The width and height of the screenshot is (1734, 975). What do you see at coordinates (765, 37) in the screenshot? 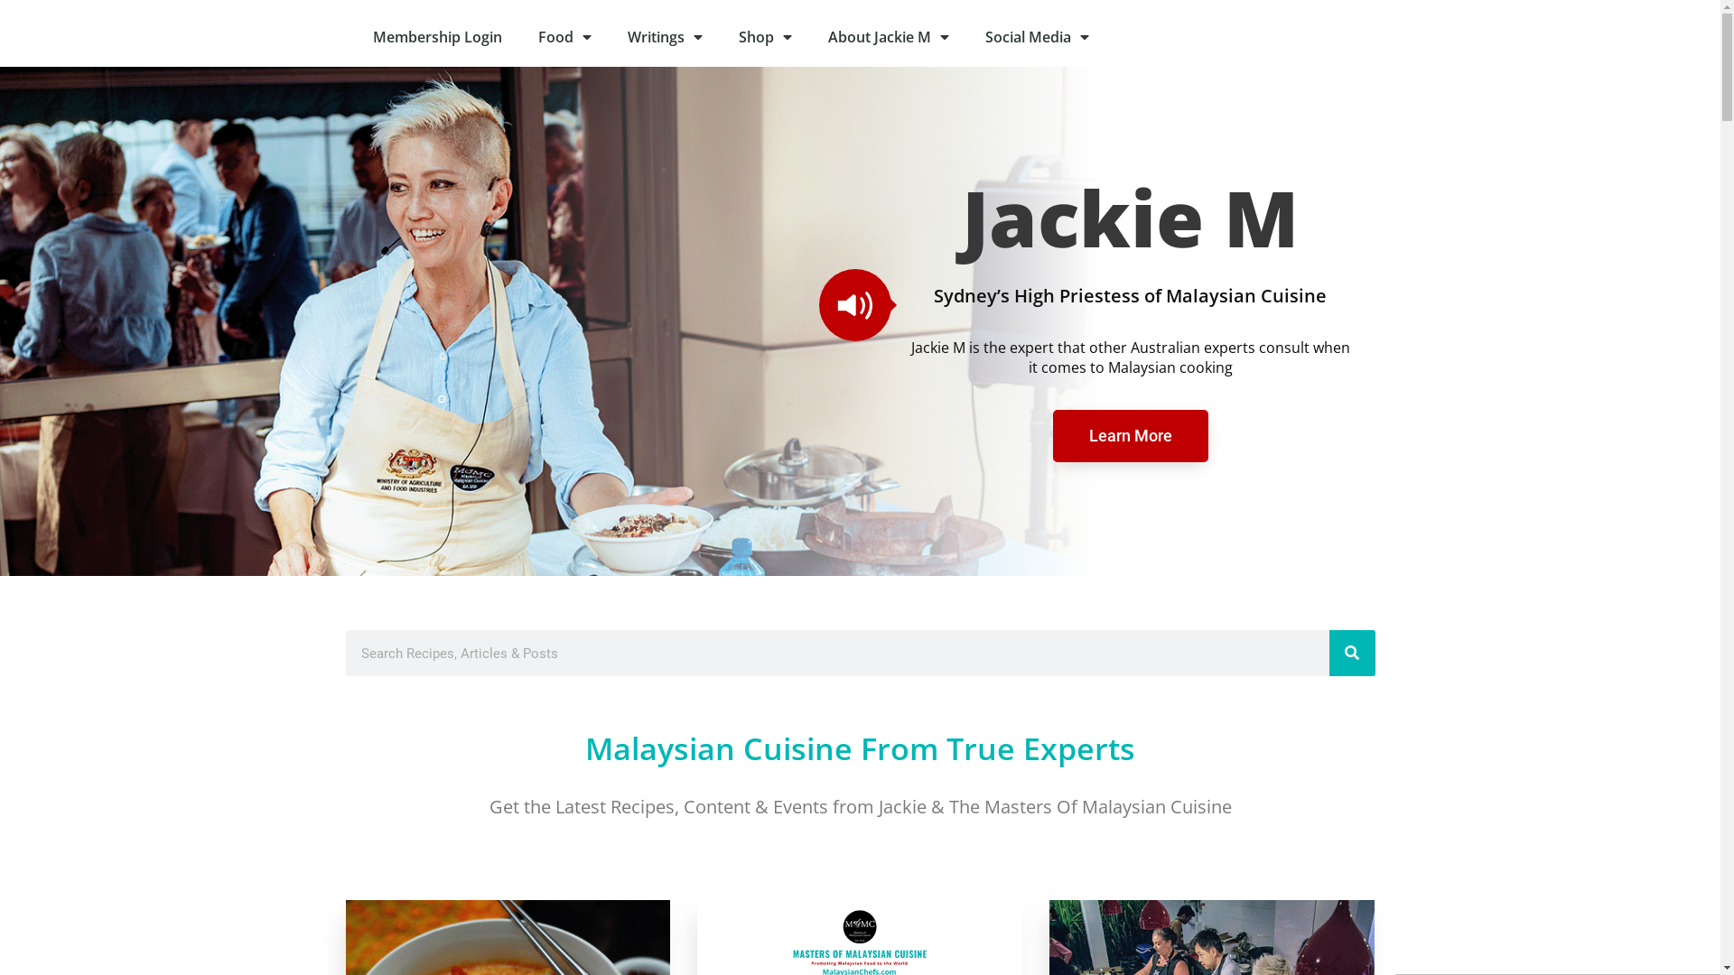
I see `'Shop'` at bounding box center [765, 37].